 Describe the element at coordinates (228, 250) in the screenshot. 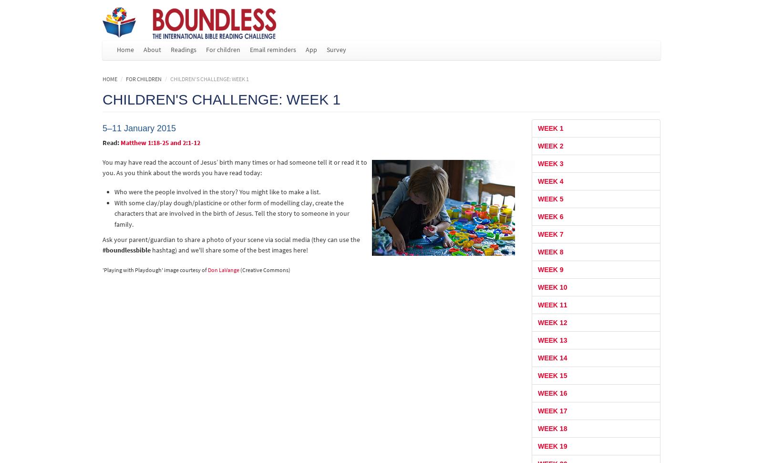

I see `'hashtag) and we'll share some of the best images here!'` at that location.